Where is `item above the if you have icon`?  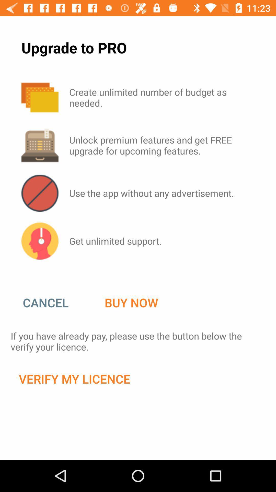
item above the if you have icon is located at coordinates (131, 303).